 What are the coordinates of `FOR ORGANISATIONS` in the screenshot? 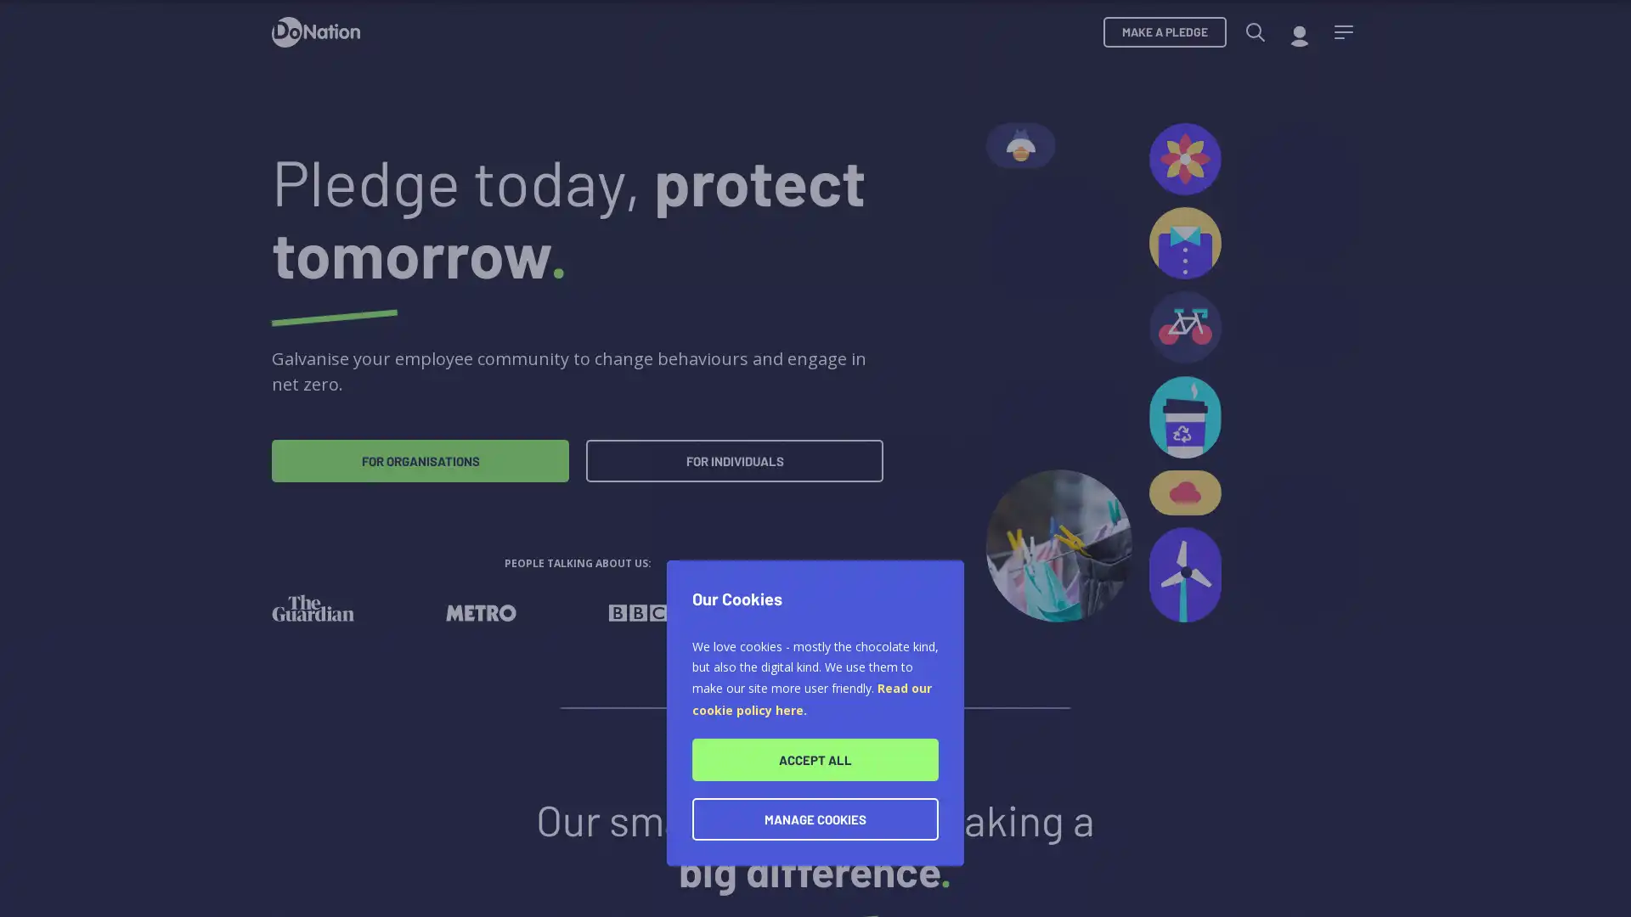 It's located at (420, 461).